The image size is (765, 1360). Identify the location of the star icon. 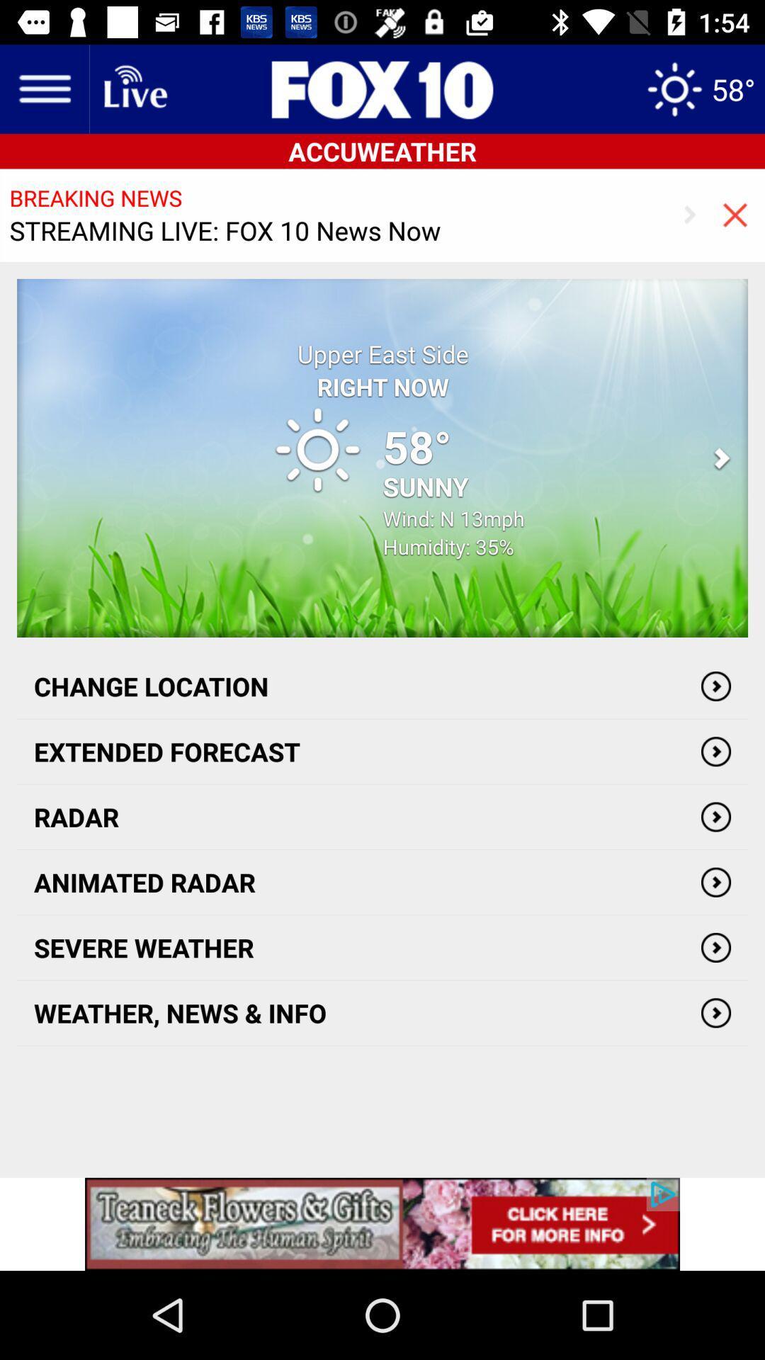
(700, 88).